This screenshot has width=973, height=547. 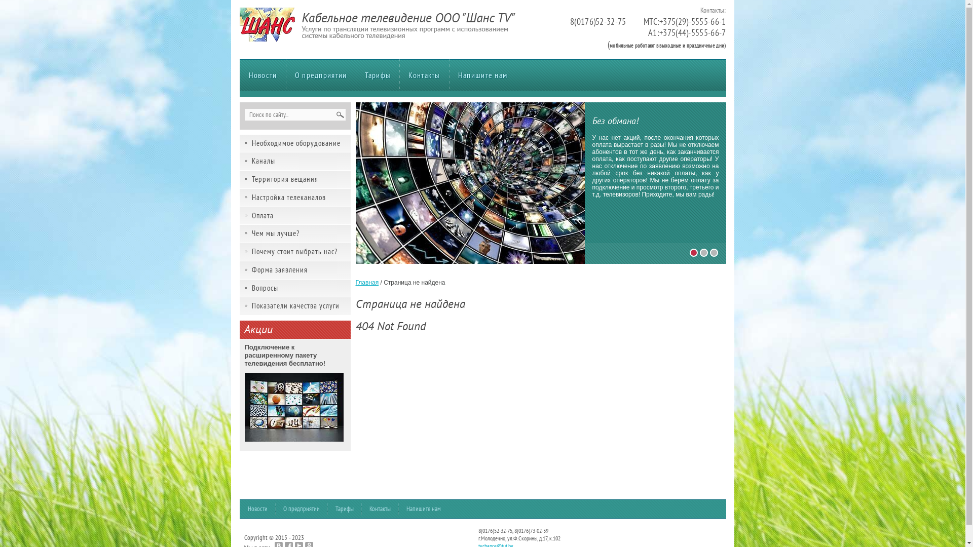 What do you see at coordinates (693, 252) in the screenshot?
I see `'1'` at bounding box center [693, 252].